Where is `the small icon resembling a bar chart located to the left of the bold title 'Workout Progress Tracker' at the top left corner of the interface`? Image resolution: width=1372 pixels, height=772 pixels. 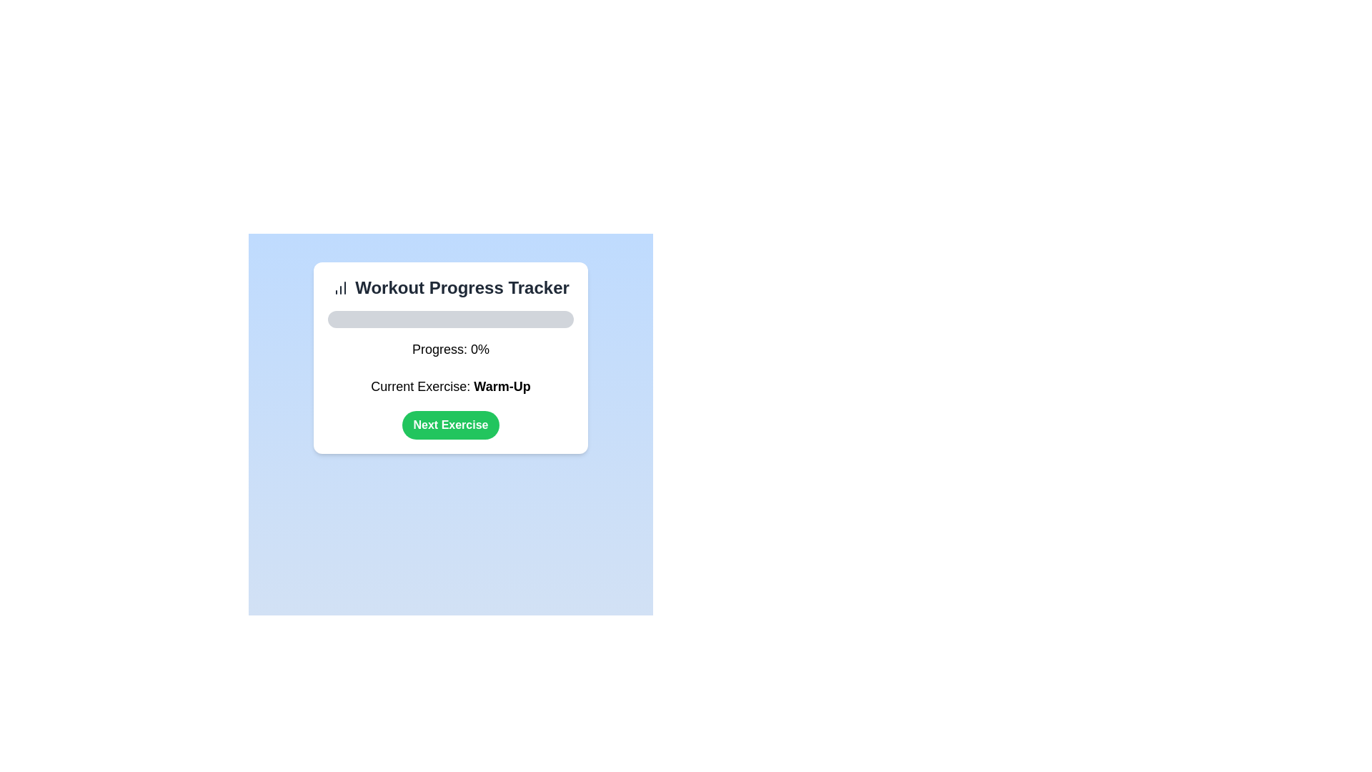
the small icon resembling a bar chart located to the left of the bold title 'Workout Progress Tracker' at the top left corner of the interface is located at coordinates (340, 287).